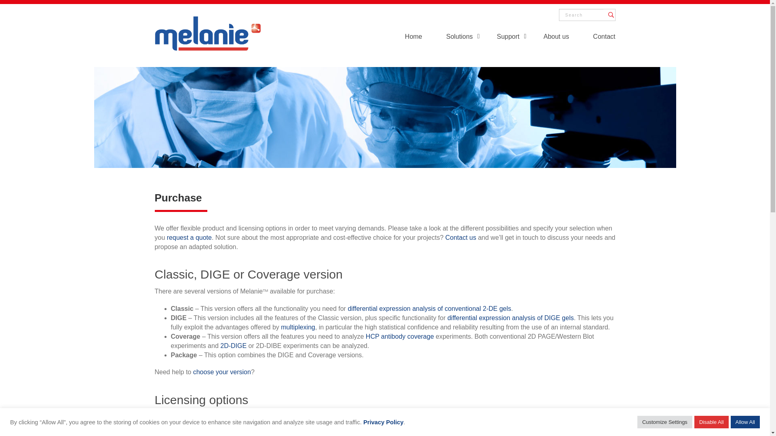 Image resolution: width=776 pixels, height=436 pixels. What do you see at coordinates (220, 345) in the screenshot?
I see `'2D-DIGE'` at bounding box center [220, 345].